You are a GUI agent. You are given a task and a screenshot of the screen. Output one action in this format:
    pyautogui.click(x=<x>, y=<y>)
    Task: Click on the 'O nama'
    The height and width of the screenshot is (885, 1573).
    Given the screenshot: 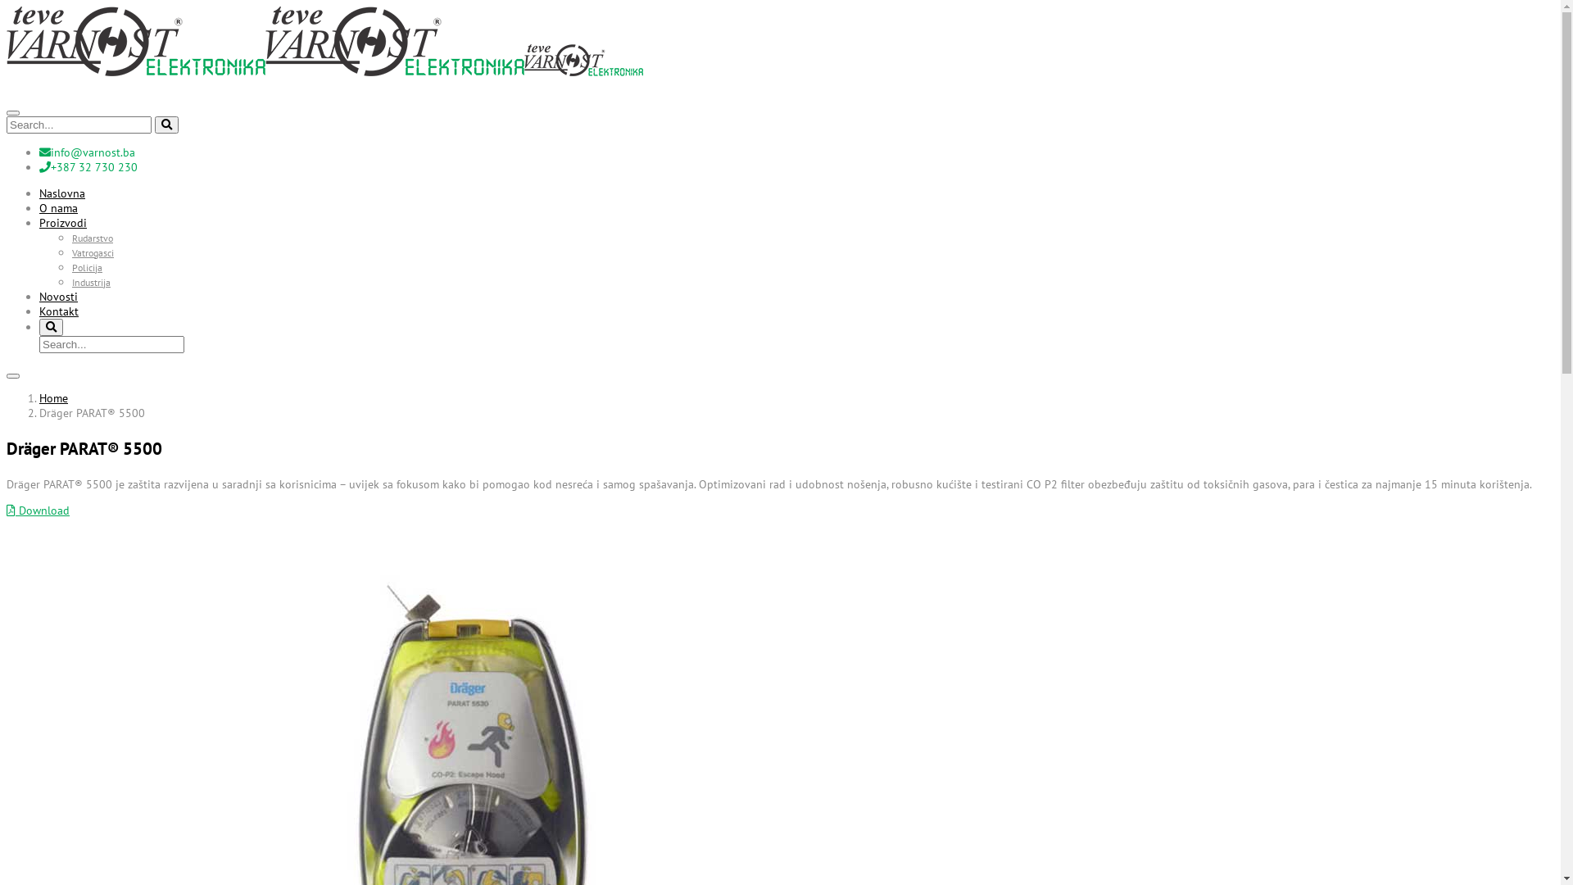 What is the action you would take?
    pyautogui.click(x=58, y=206)
    